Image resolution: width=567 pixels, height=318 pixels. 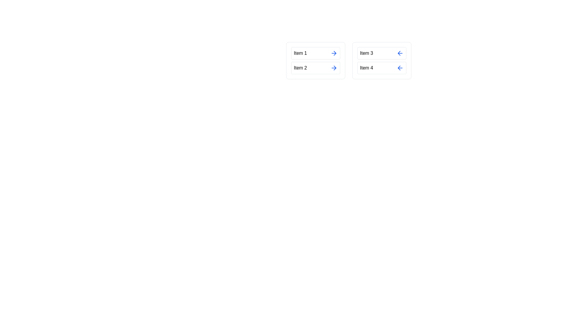 I want to click on arrow button next to the item Item 4 in the right list to transfer it to the left list, so click(x=400, y=68).